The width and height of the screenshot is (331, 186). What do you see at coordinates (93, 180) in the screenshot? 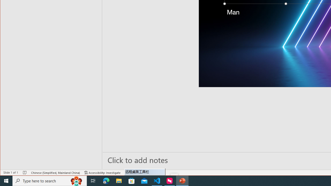
I see `'Task View'` at bounding box center [93, 180].